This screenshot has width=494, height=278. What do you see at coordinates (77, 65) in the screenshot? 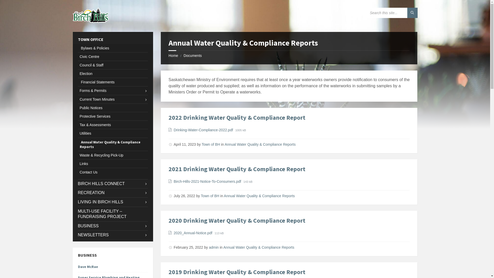
I see `'Council & Staff'` at bounding box center [77, 65].